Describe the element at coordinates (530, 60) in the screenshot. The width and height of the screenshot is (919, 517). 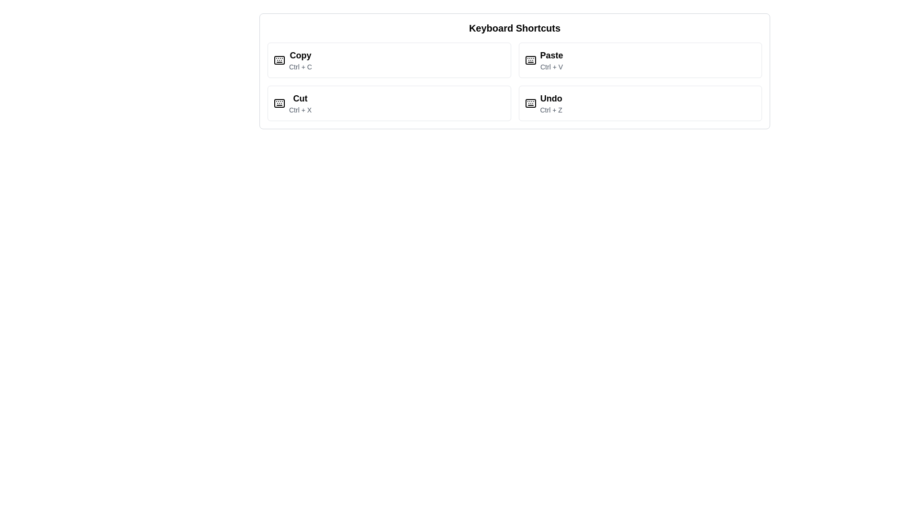
I see `the largest rectangular SVG shape that visually structures the keyboard layout icon, situated near the center of the icon layout` at that location.